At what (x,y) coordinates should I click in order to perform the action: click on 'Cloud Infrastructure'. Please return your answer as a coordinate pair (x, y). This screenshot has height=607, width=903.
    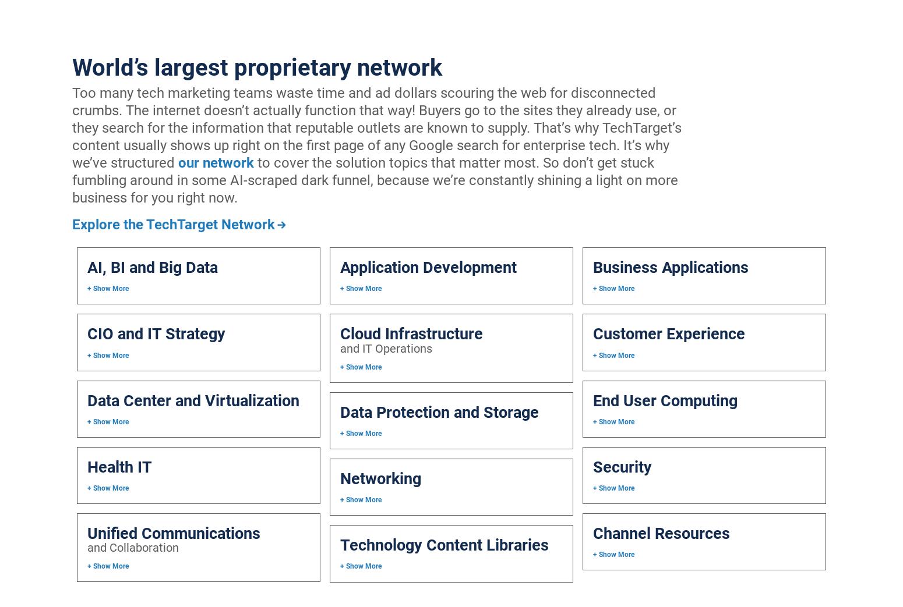
    Looking at the image, I should click on (411, 333).